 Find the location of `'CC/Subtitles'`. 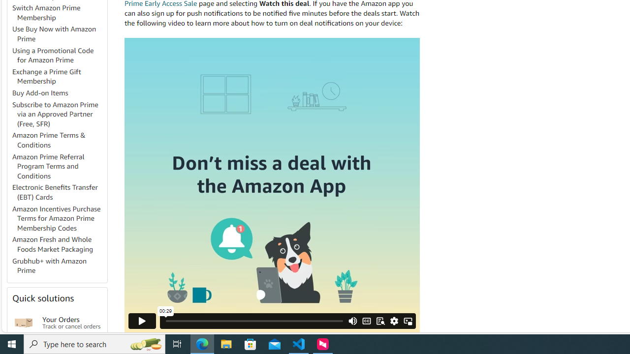

'CC/Subtitles' is located at coordinates (366, 321).